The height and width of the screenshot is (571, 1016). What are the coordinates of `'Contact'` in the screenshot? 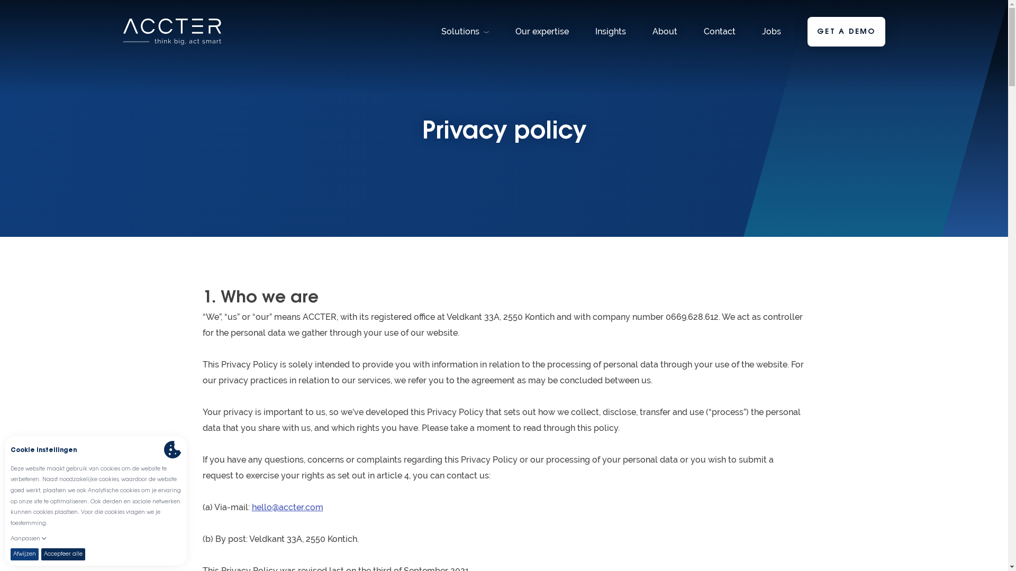 It's located at (719, 31).